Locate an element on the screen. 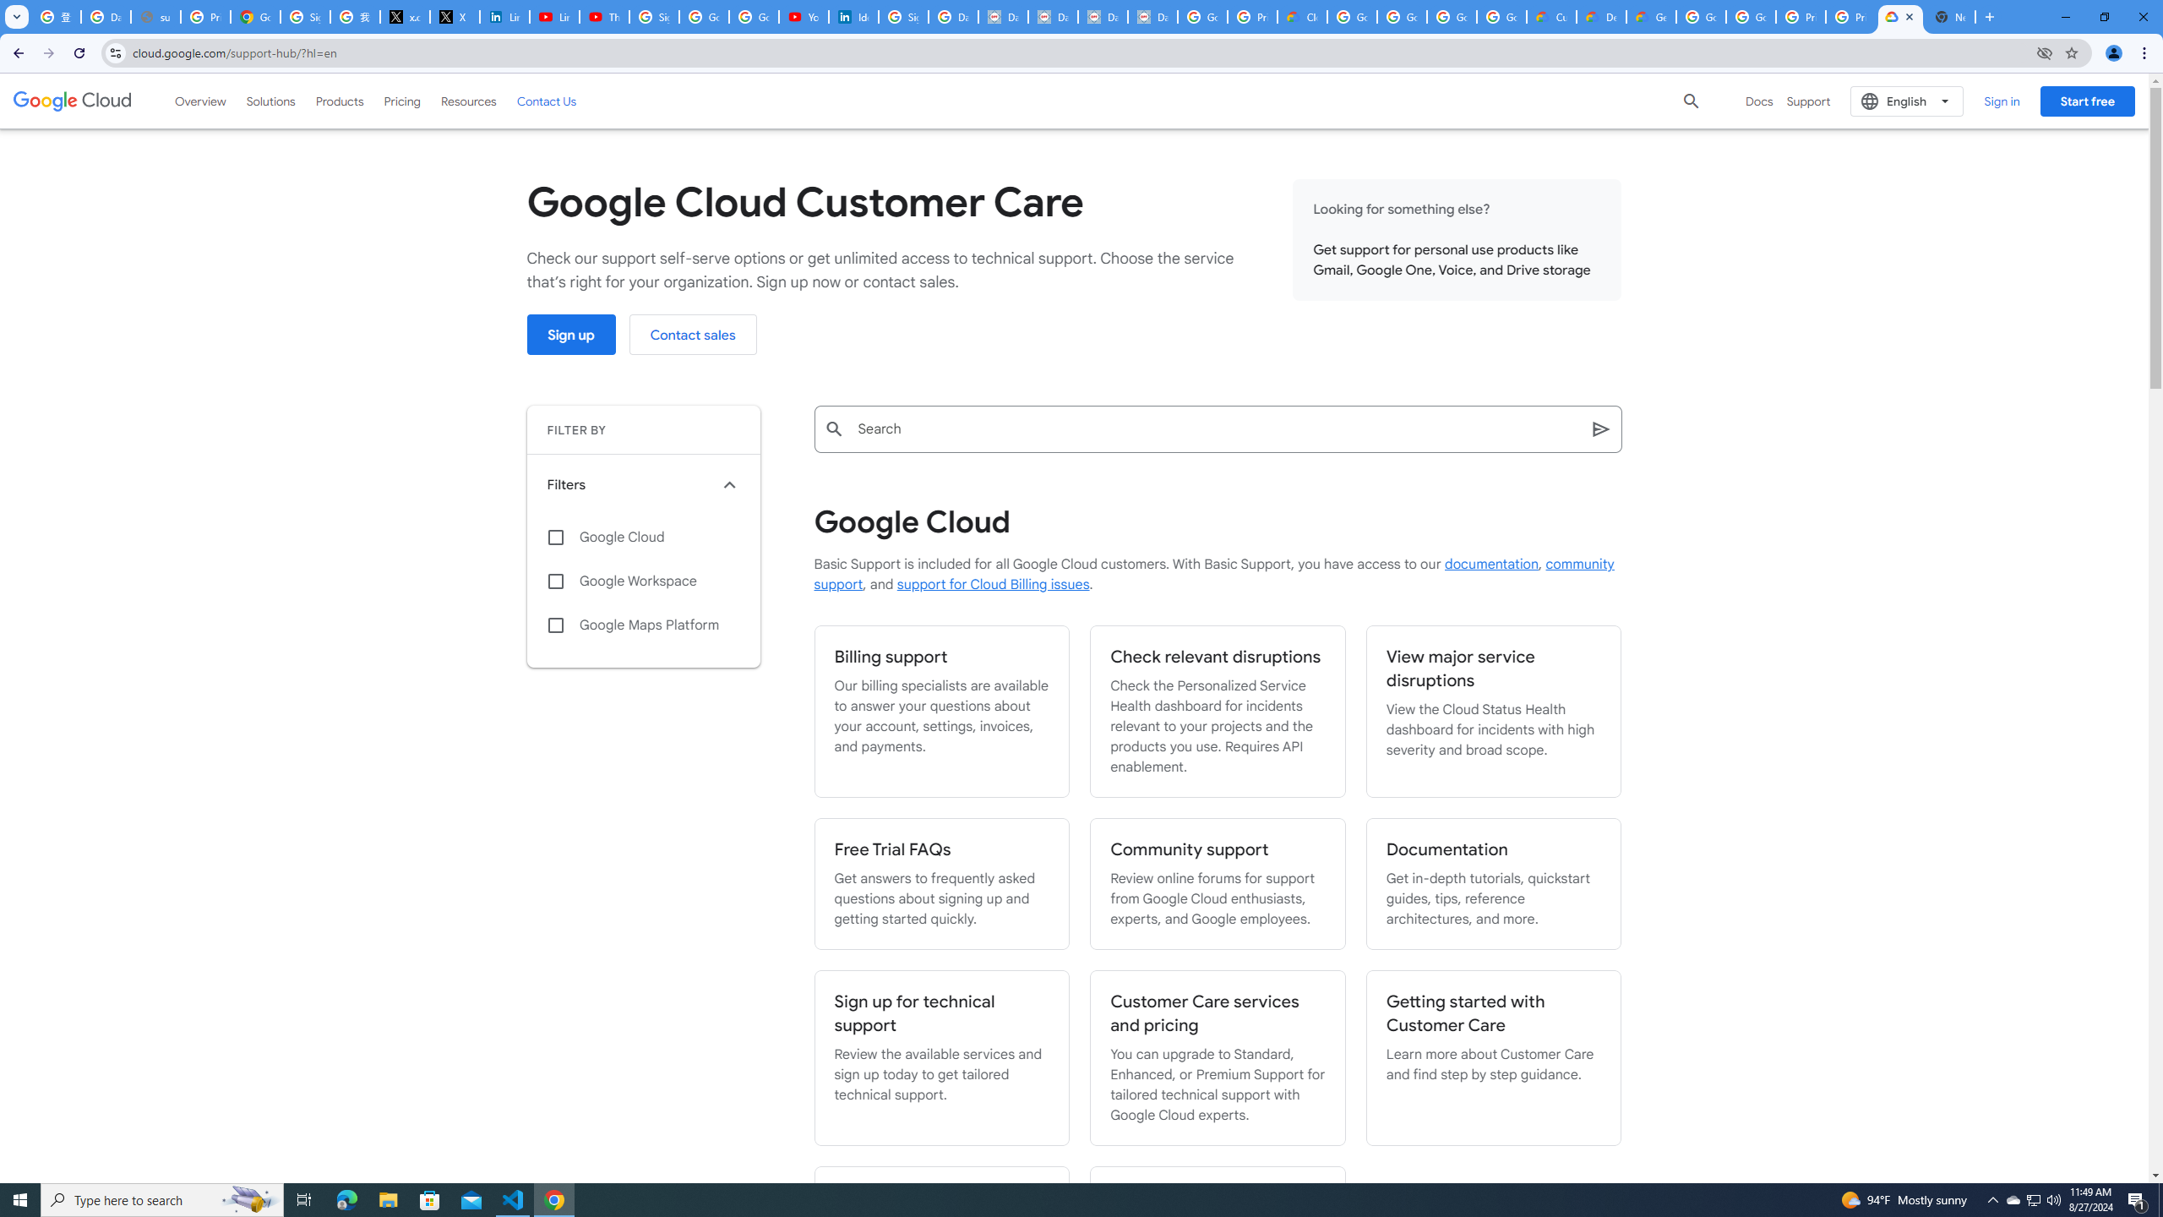 Image resolution: width=2163 pixels, height=1217 pixels. 'Data Privacy Framework' is located at coordinates (1053, 16).